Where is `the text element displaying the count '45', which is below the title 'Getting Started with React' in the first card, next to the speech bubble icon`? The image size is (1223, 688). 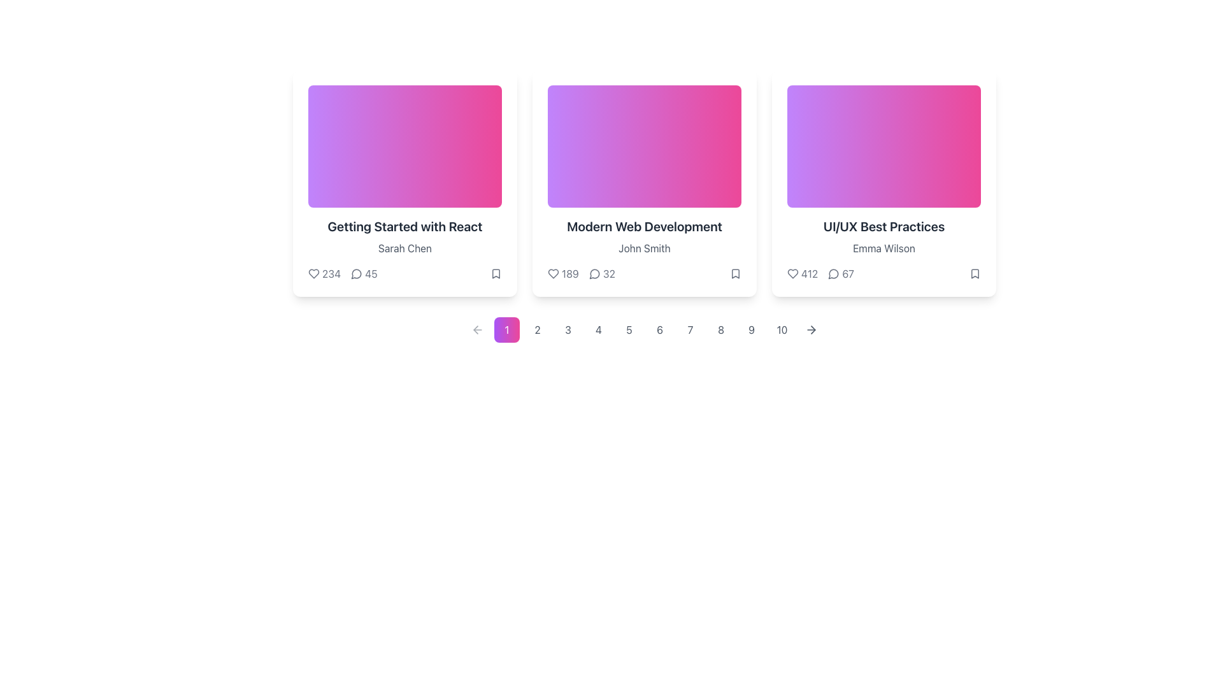
the text element displaying the count '45', which is below the title 'Getting Started with React' in the first card, next to the speech bubble icon is located at coordinates (370, 273).